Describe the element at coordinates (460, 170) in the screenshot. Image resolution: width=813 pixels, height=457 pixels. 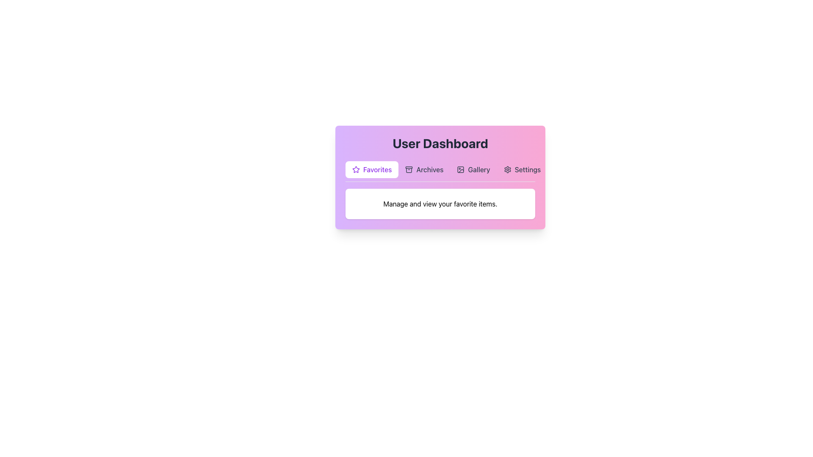
I see `the SVG Rectangle that serves as the main rectangular frame of the icon in the 'User Dashboard' panel, located next to the 'Favorites' label` at that location.